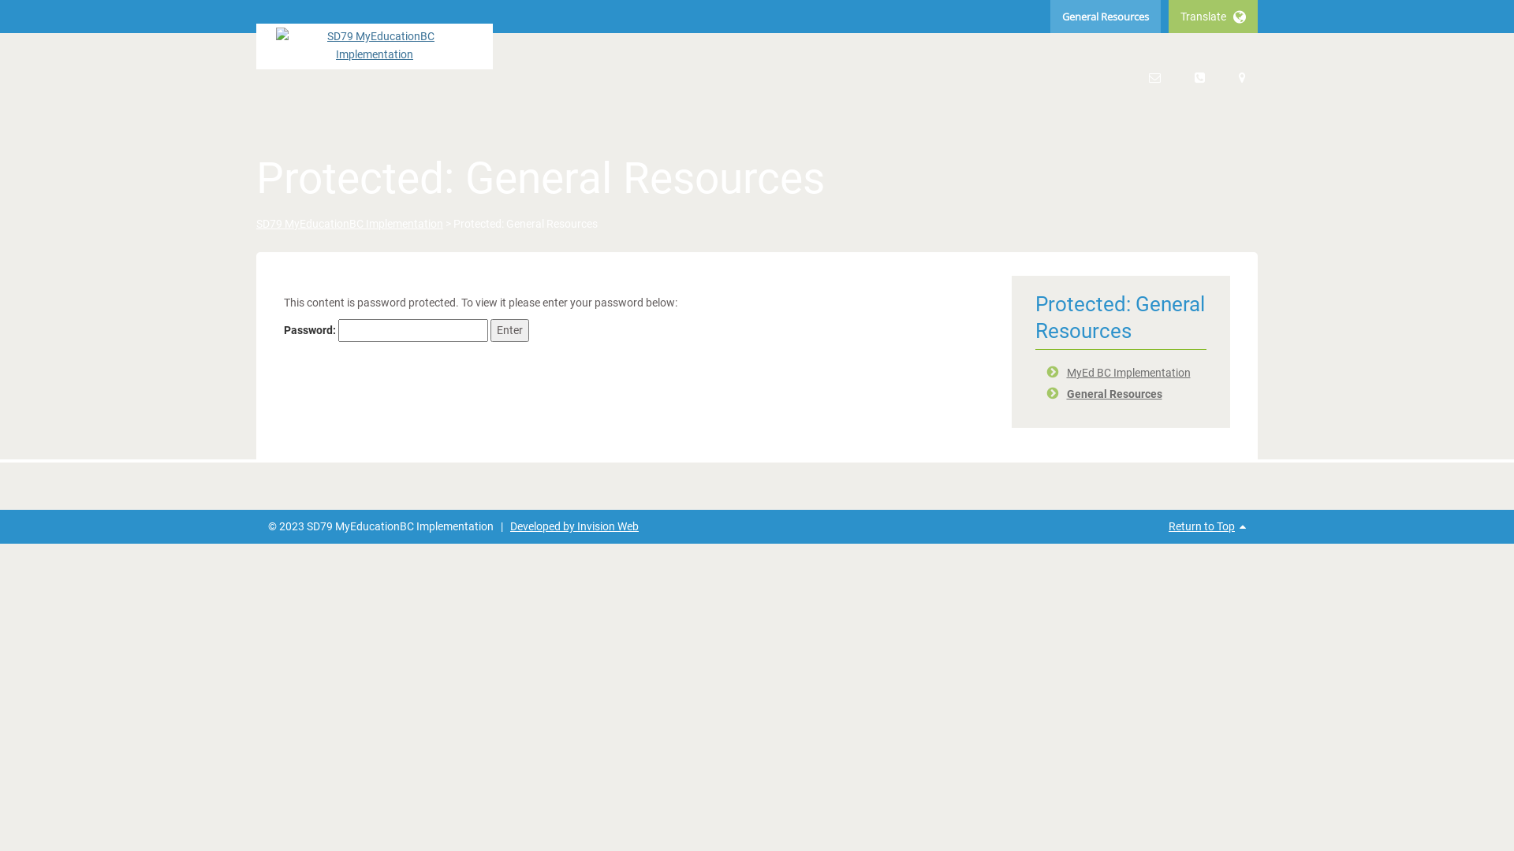 The image size is (1514, 851). Describe the element at coordinates (1066, 373) in the screenshot. I see `'MyEd BC Implementation'` at that location.